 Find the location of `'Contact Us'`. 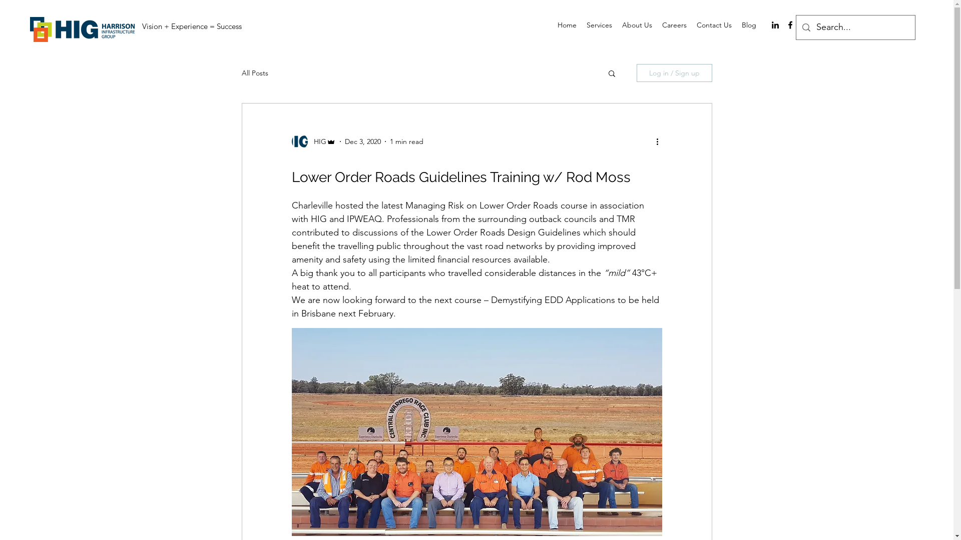

'Contact Us' is located at coordinates (713, 24).